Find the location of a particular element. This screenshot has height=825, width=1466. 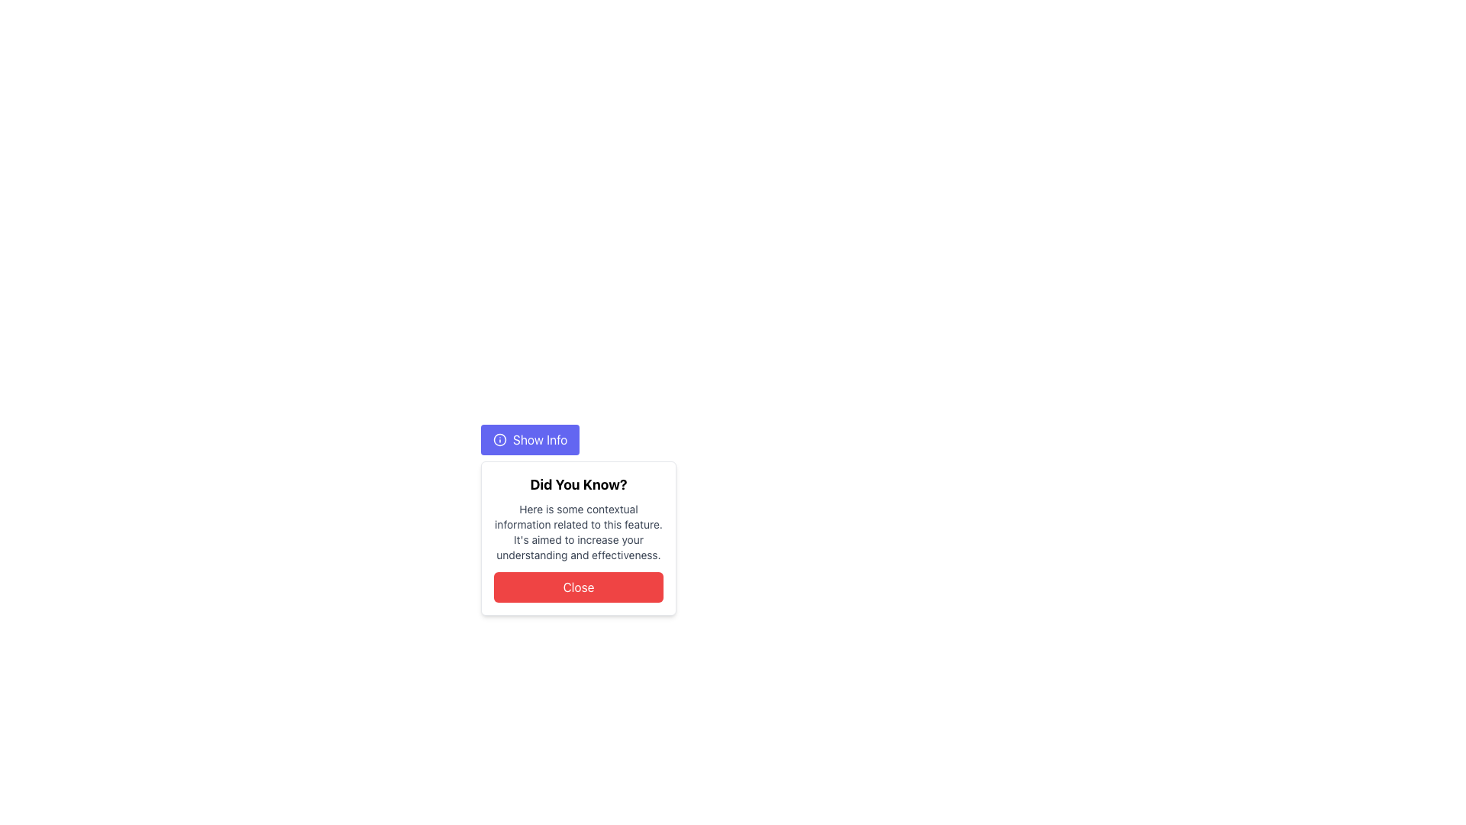

the rectangular blue button with rounded corners labeled 'Show Info' is located at coordinates (530, 439).